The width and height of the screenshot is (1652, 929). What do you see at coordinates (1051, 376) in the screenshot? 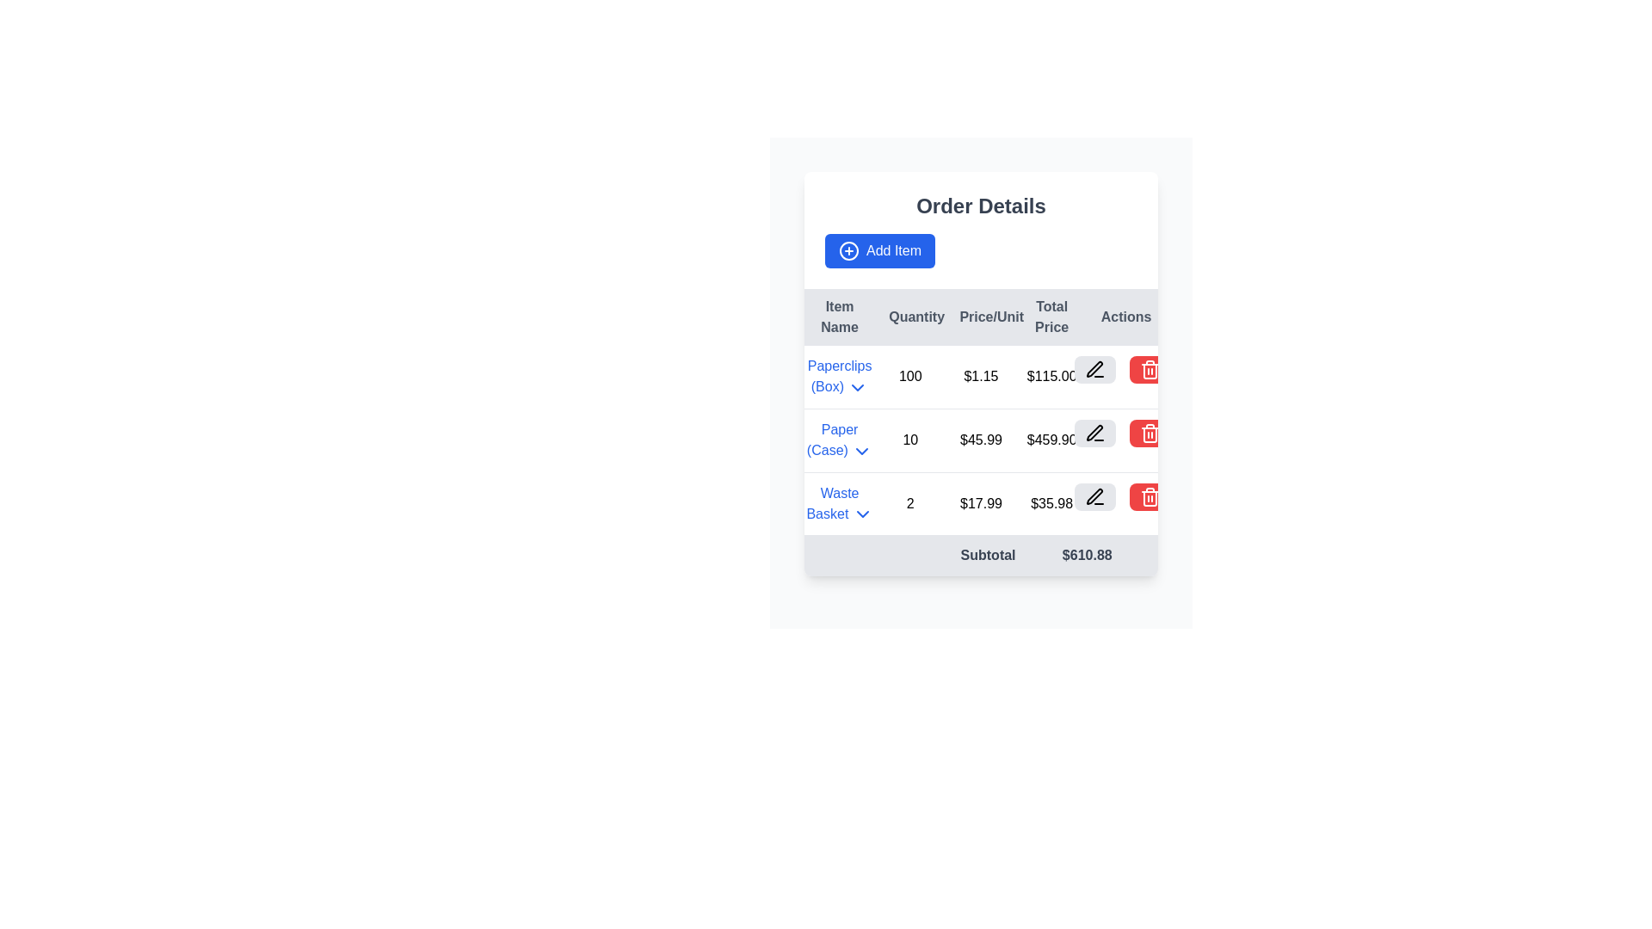
I see `the text display showing '$115.00' under the 'Total Price' column in the first row of the order details table` at bounding box center [1051, 376].